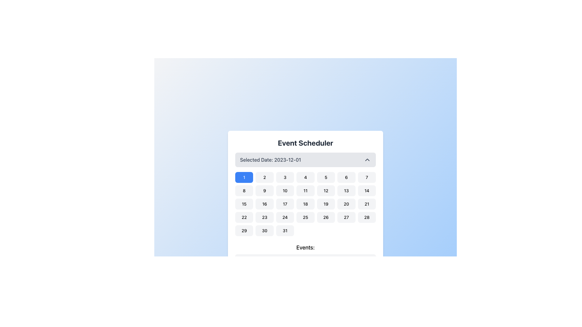 Image resolution: width=582 pixels, height=327 pixels. I want to click on the rounded rectangular button displaying the number '28' in the calendar view, so click(366, 217).